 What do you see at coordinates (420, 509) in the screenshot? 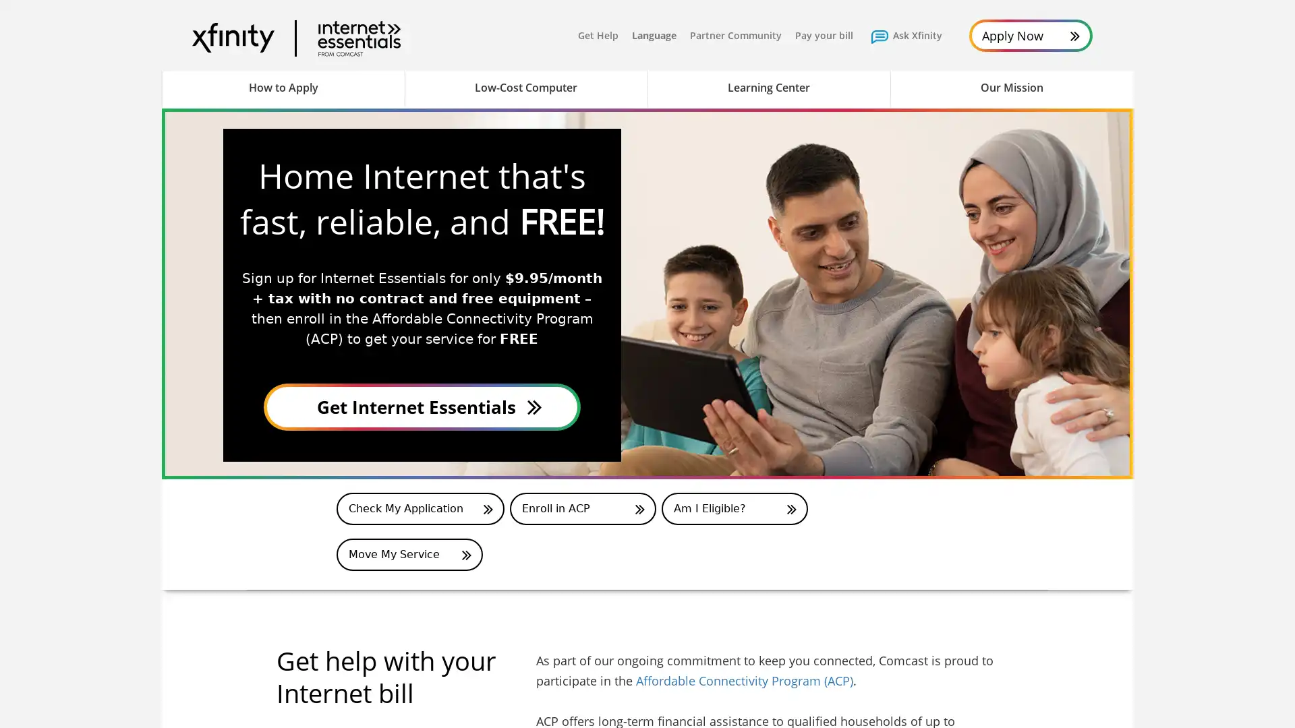
I see `Application Status` at bounding box center [420, 509].